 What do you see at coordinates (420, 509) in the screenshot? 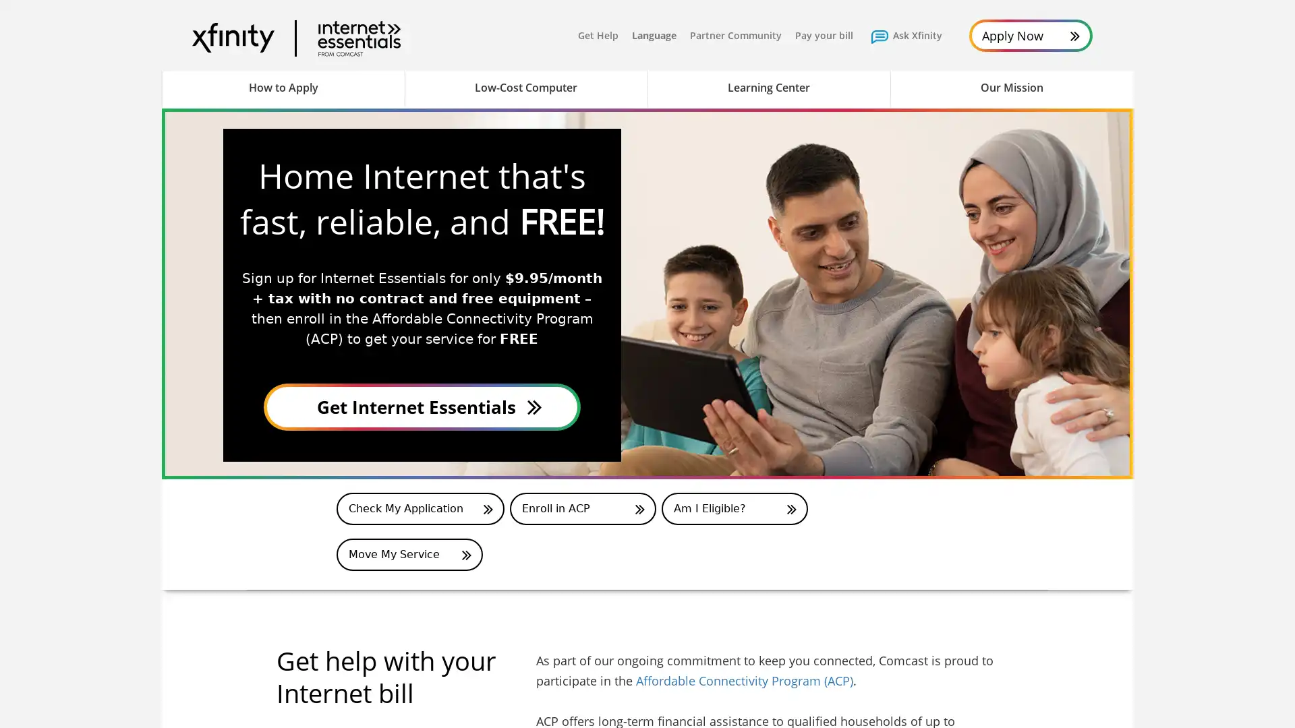
I see `Application Status` at bounding box center [420, 509].